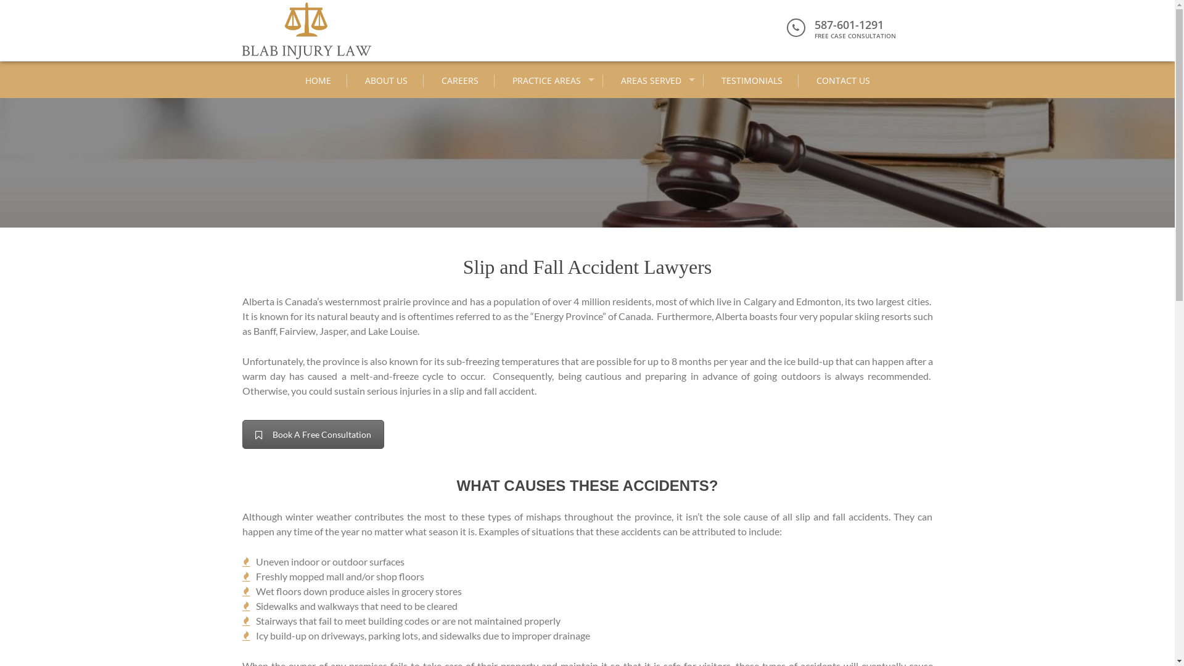 The image size is (1184, 666). What do you see at coordinates (459, 81) in the screenshot?
I see `'CAREERS'` at bounding box center [459, 81].